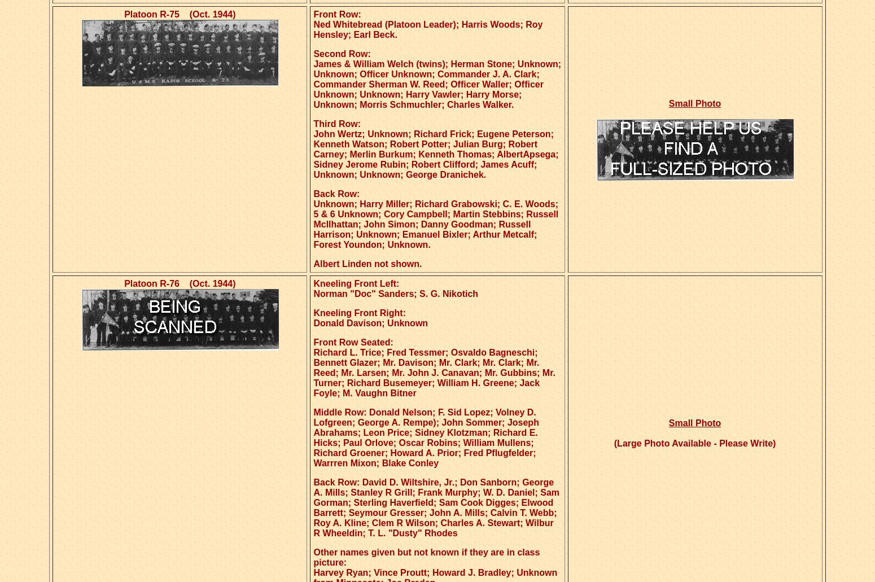  Describe the element at coordinates (356, 283) in the screenshot. I see `'Kneeling Front Left:'` at that location.